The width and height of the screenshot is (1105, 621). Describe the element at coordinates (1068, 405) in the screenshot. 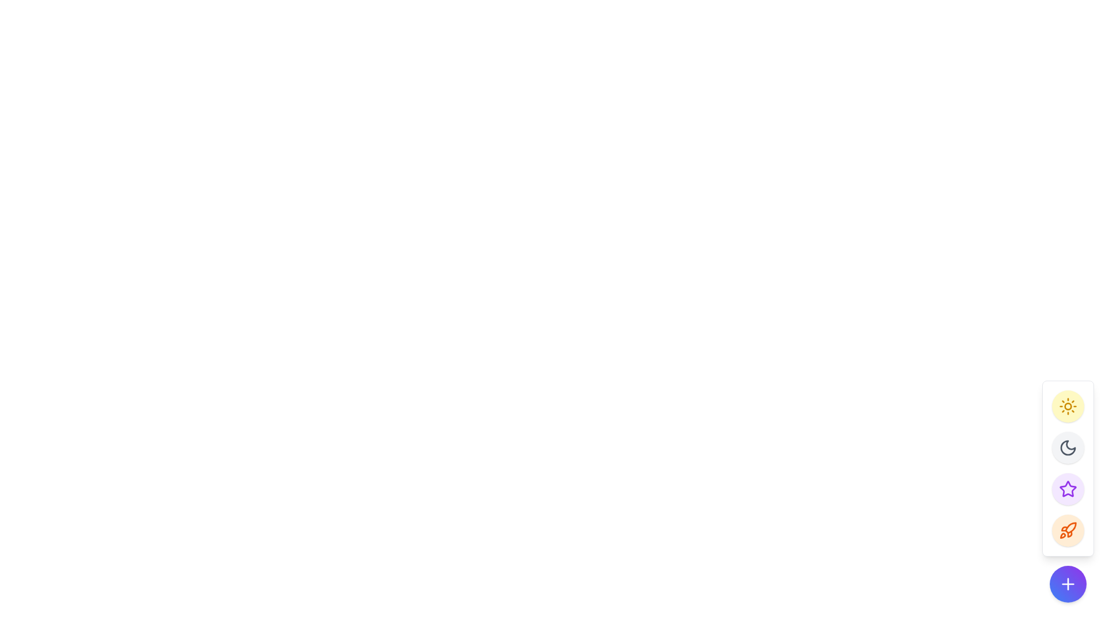

I see `the circular sun icon button with a bright yellow background` at that location.